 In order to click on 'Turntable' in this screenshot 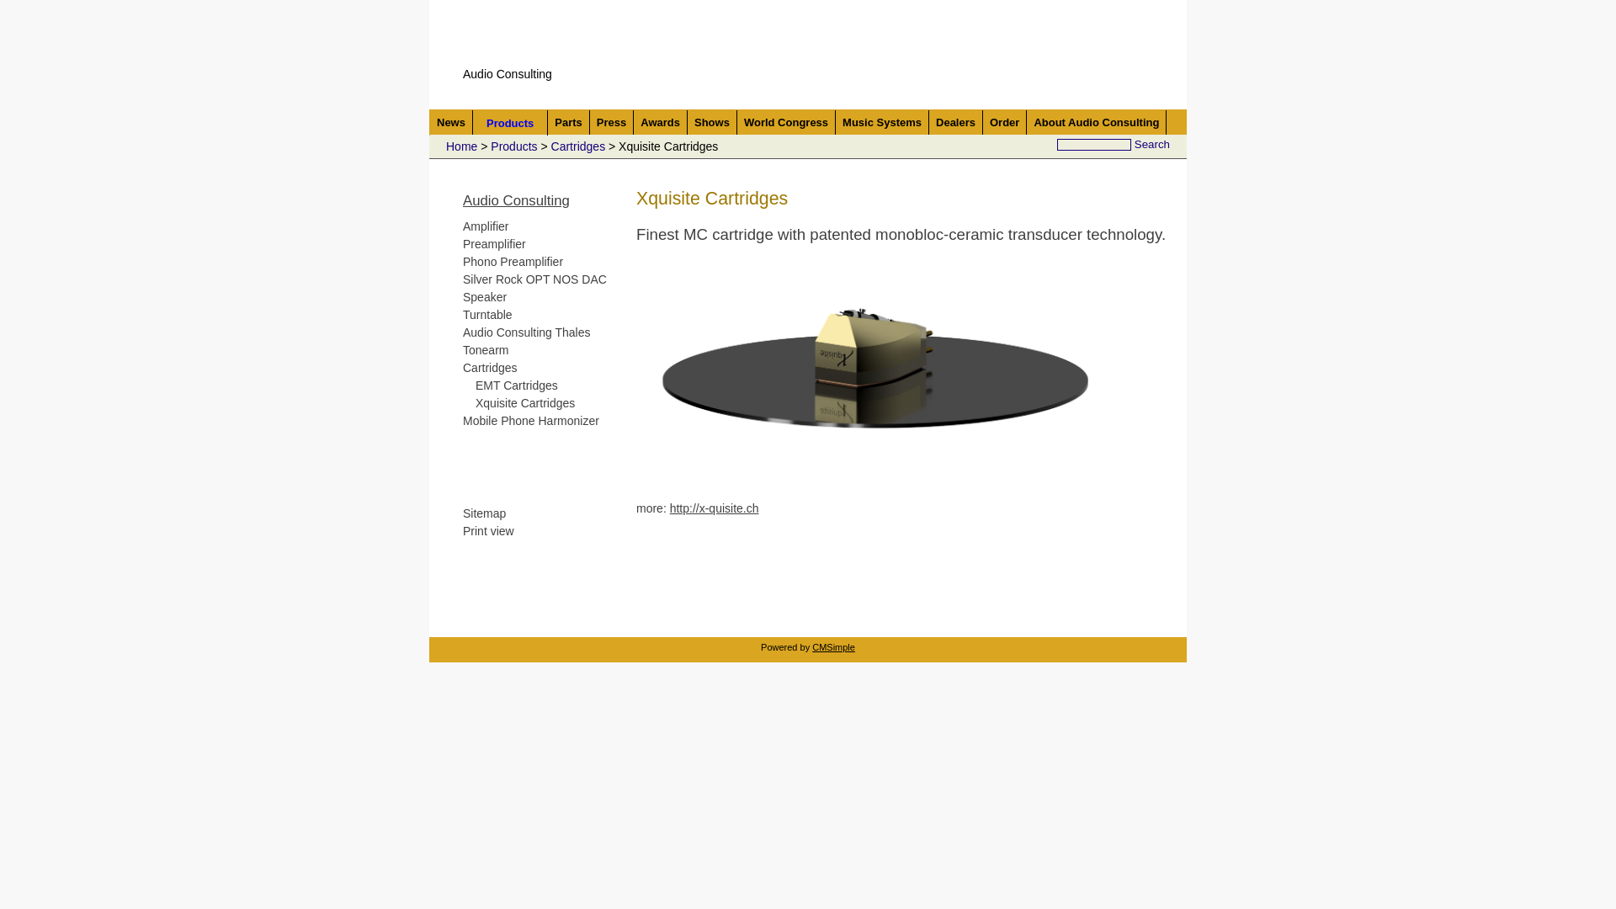, I will do `click(486, 315)`.